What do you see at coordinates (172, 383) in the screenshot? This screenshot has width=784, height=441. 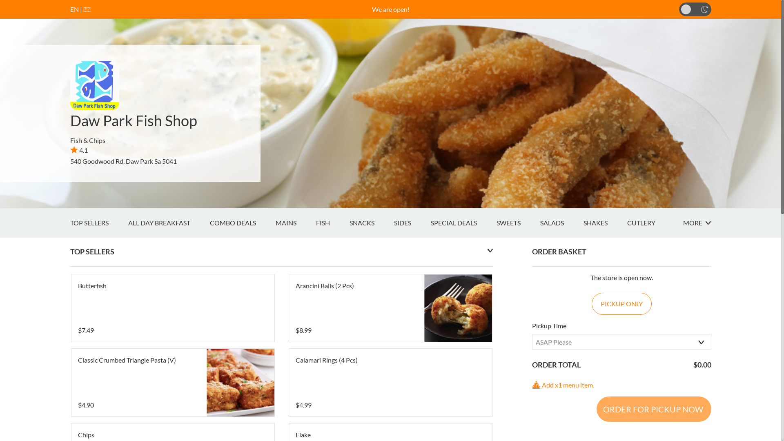 I see `'Classic Crumbed Triangle Pasta (V)` at bounding box center [172, 383].